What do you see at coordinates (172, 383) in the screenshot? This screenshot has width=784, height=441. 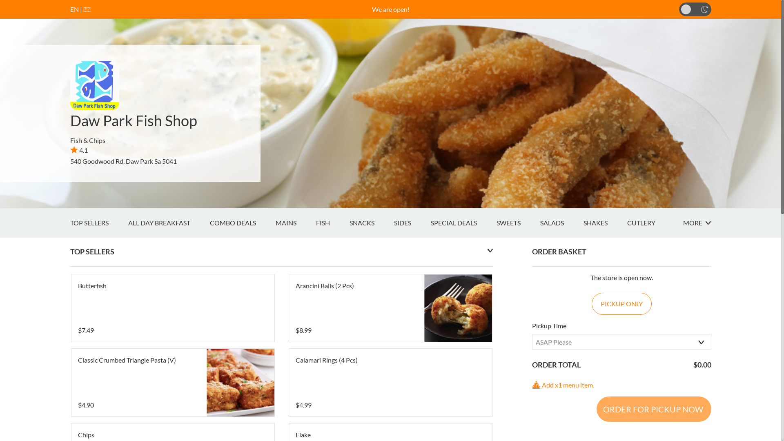 I see `'Classic Crumbed Triangle Pasta (V)` at bounding box center [172, 383].